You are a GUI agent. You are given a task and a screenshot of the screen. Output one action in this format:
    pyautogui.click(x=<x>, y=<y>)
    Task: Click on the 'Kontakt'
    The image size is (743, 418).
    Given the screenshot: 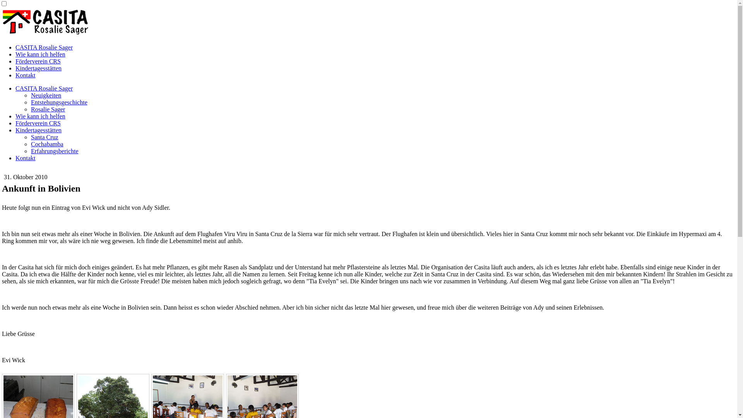 What is the action you would take?
    pyautogui.click(x=26, y=158)
    